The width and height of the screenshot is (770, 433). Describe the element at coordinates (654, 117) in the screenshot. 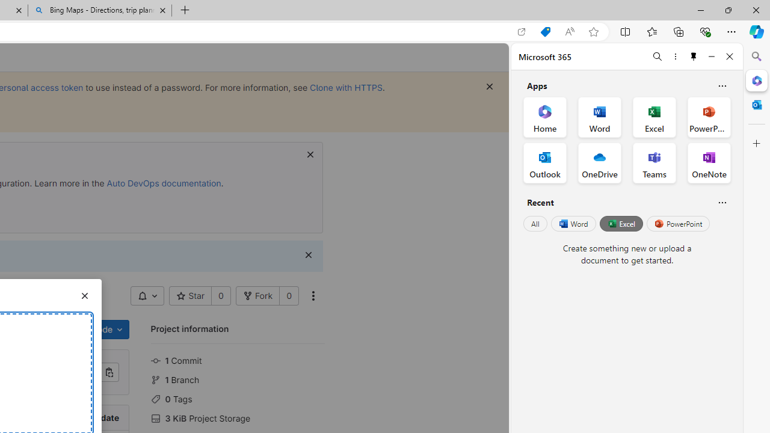

I see `'Excel Office App'` at that location.